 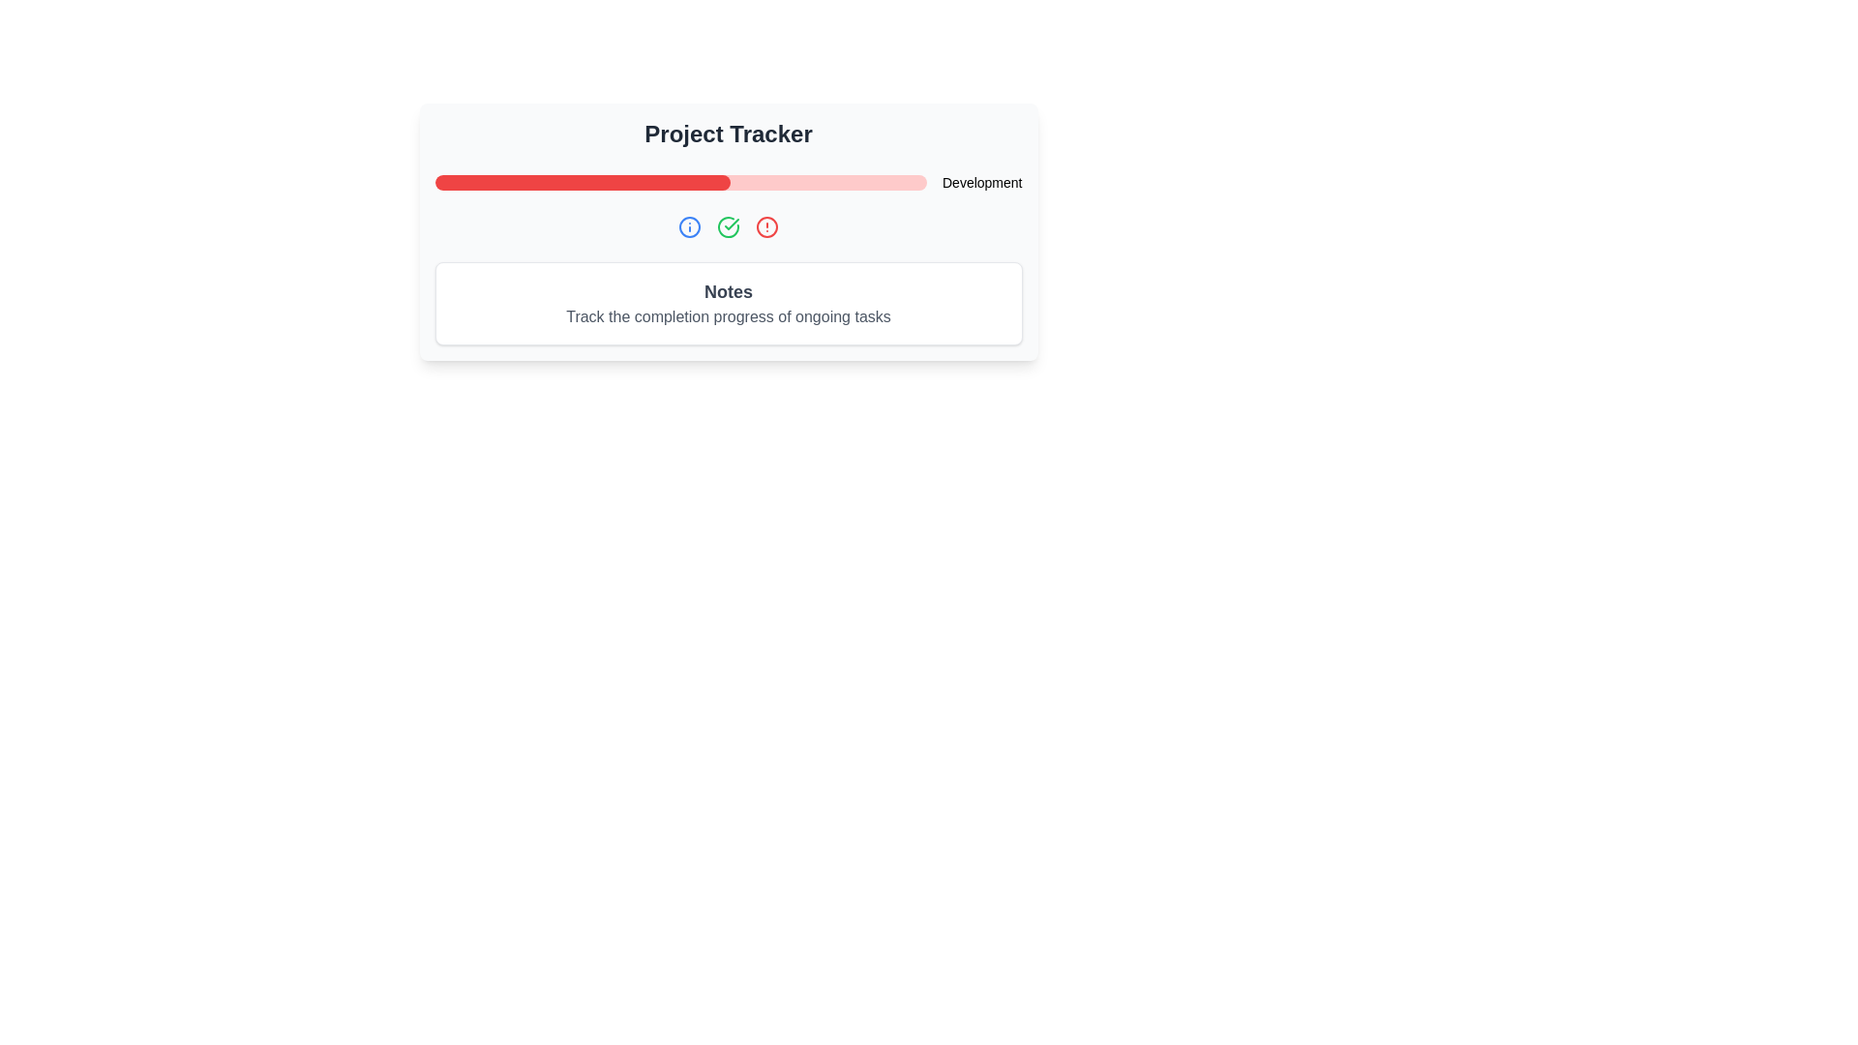 I want to click on the progress level of the horizontally elongated light red progress bar that indicates approximately 60% completion, located below the 'Project Tracker' title, so click(x=680, y=183).